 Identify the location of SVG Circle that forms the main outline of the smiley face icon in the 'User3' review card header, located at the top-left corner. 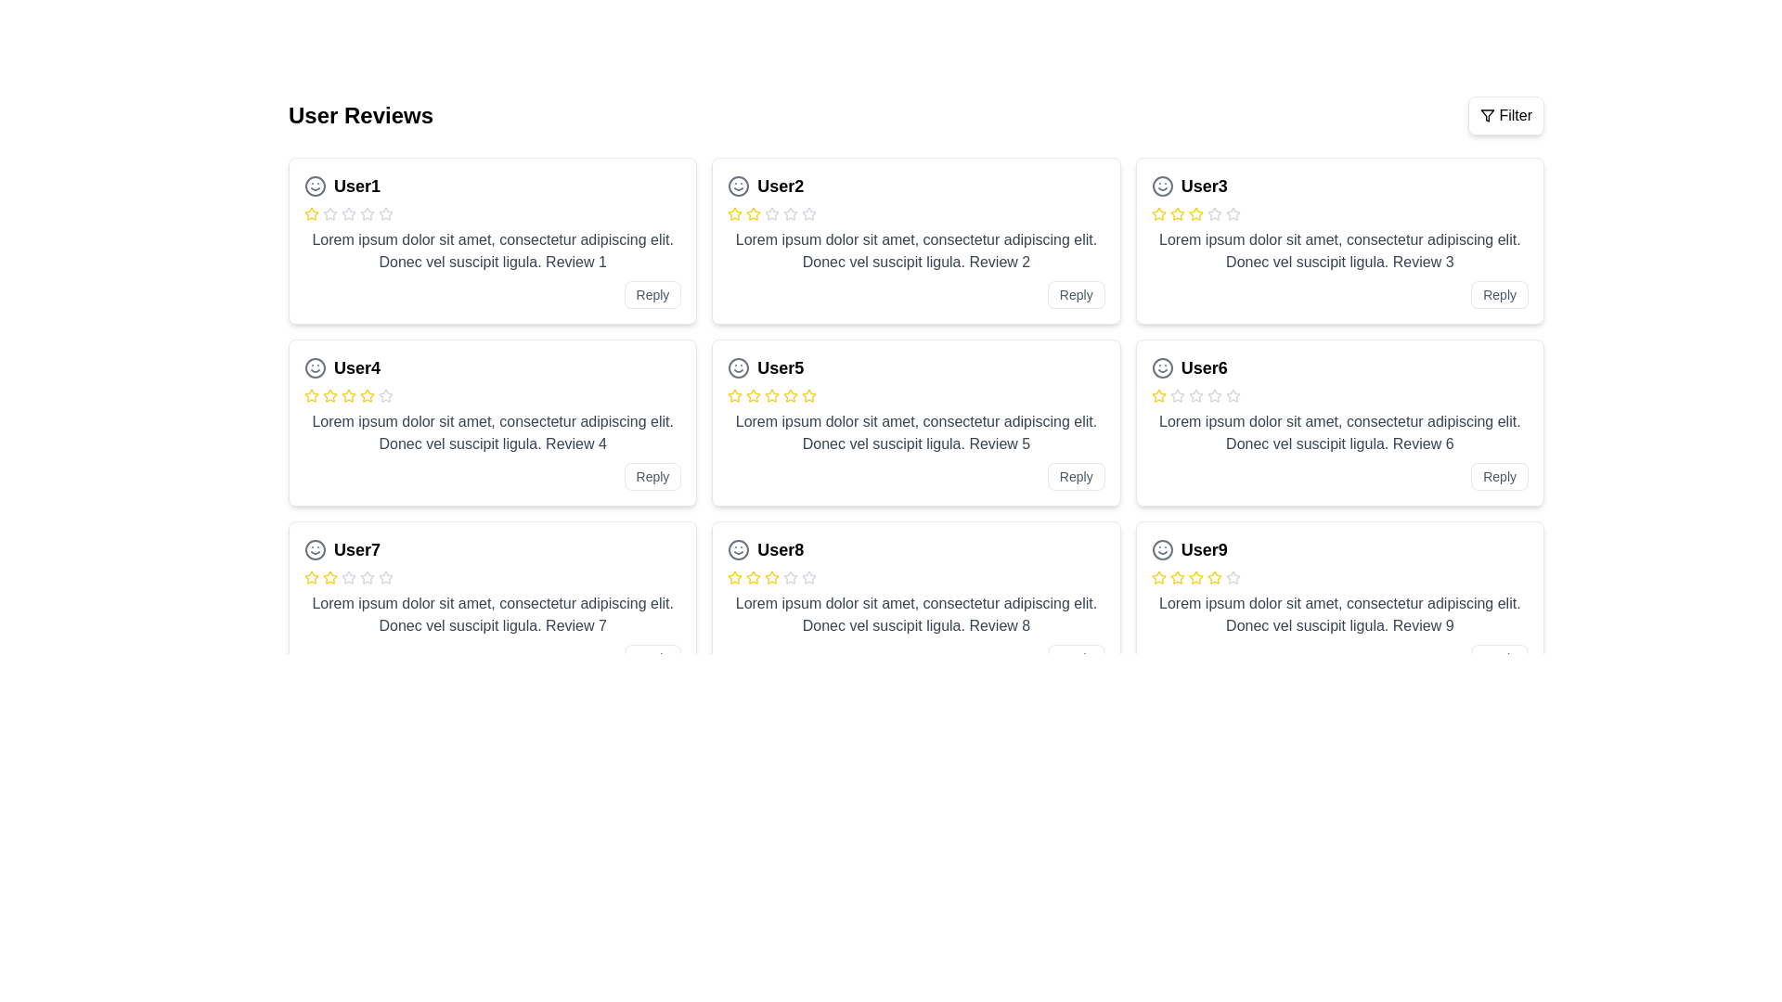
(1161, 186).